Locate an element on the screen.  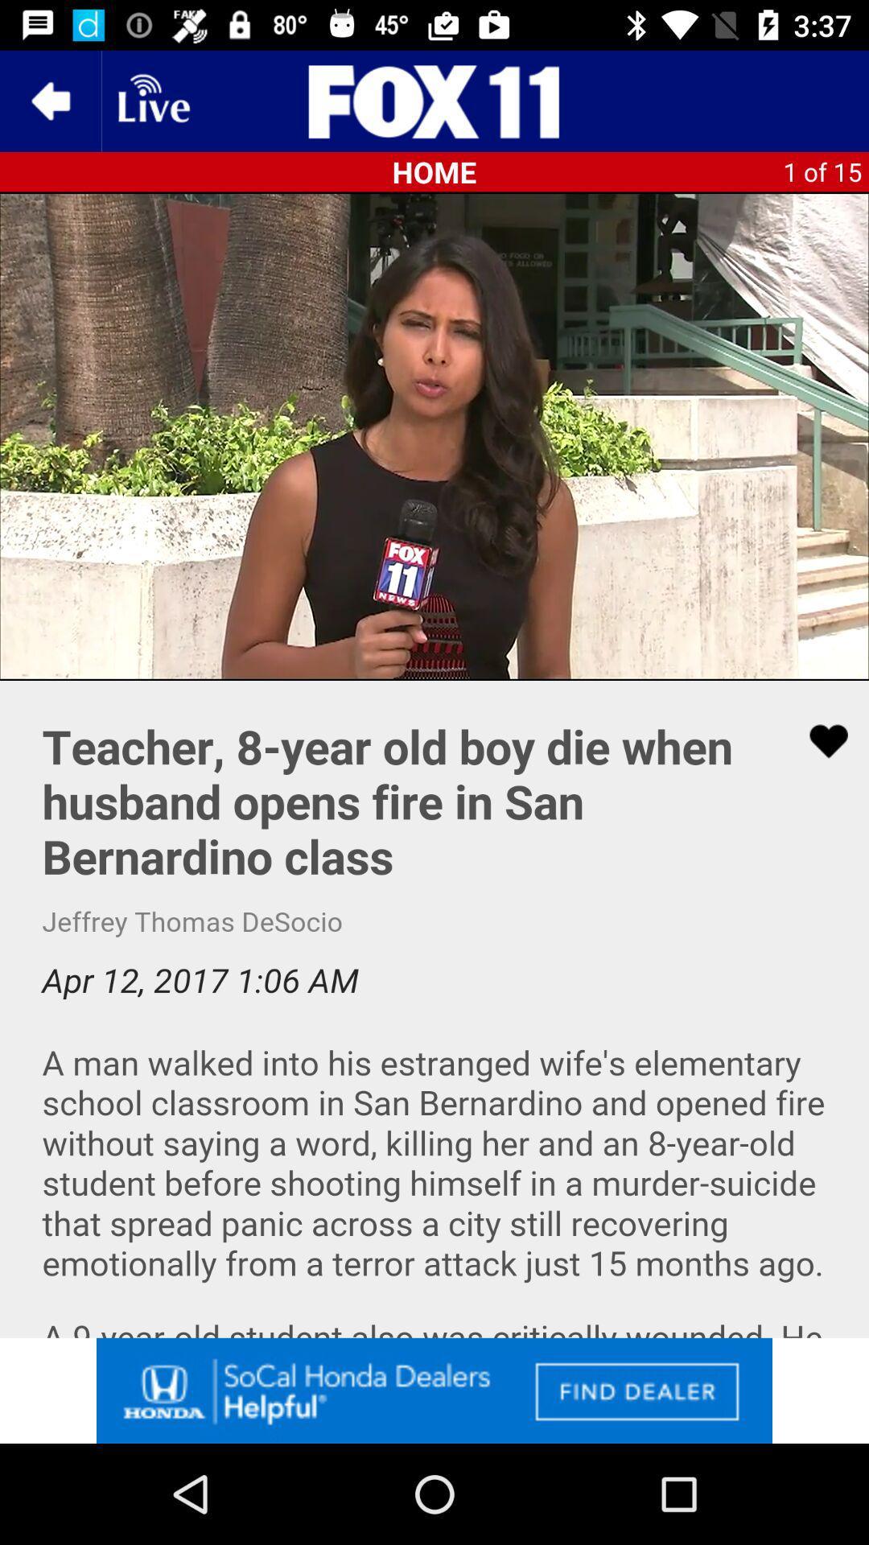
the arrow_backward icon is located at coordinates (49, 100).